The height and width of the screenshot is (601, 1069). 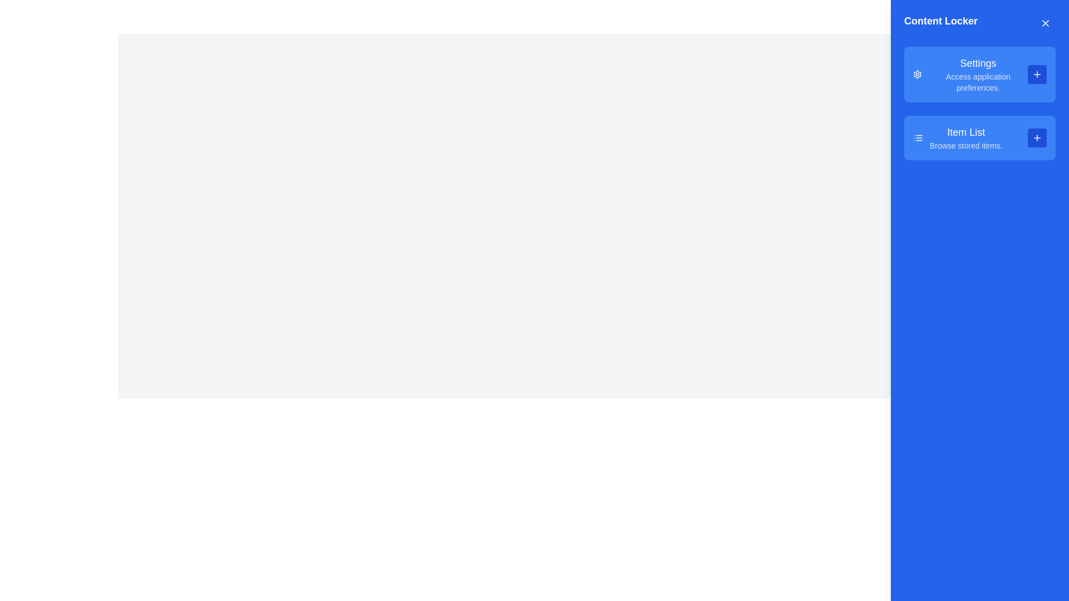 I want to click on the Close icon button (Cross icon) located at the top right corner of the 'Content Locker' sidebar, so click(x=1045, y=23).